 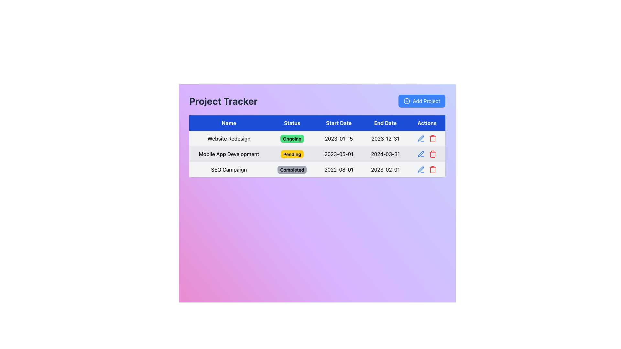 What do you see at coordinates (292, 169) in the screenshot?
I see `the Status Indicator for the 'SEO Campaign' project, located in the Status column of the table, specifically the second cell in the row that represents this project` at bounding box center [292, 169].